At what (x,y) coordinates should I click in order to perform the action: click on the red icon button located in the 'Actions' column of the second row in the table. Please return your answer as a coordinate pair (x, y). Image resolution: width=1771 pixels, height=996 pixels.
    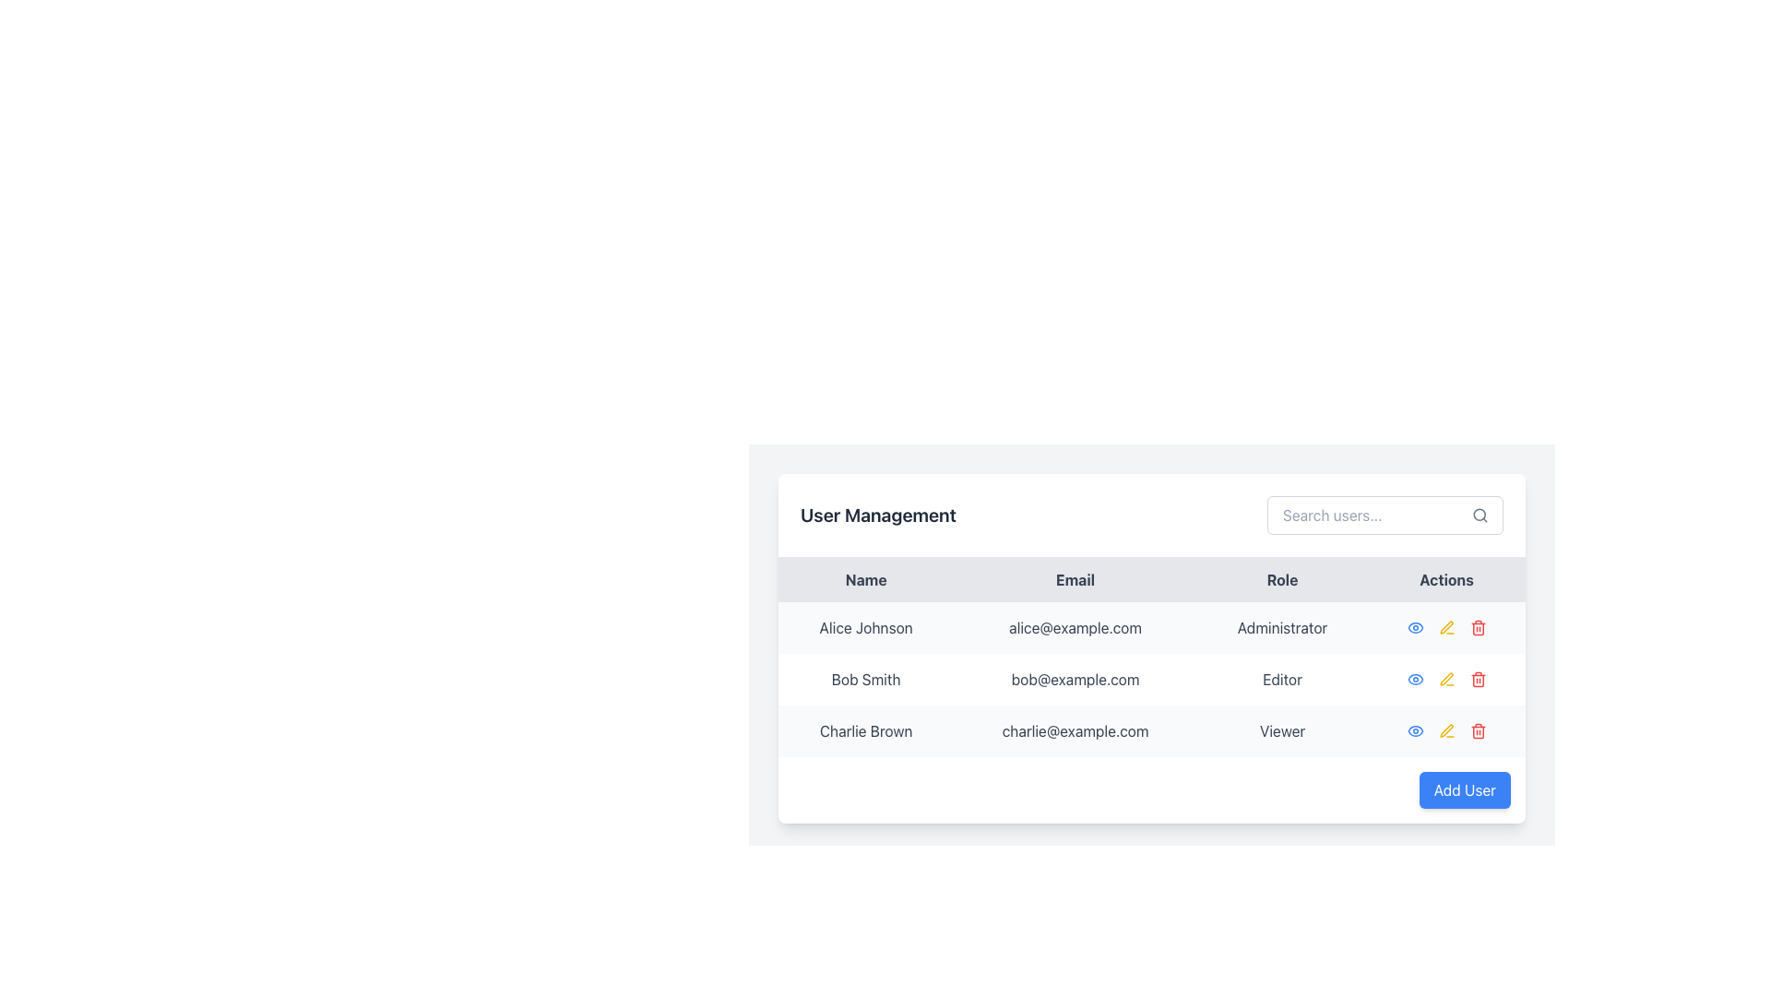
    Looking at the image, I should click on (1478, 679).